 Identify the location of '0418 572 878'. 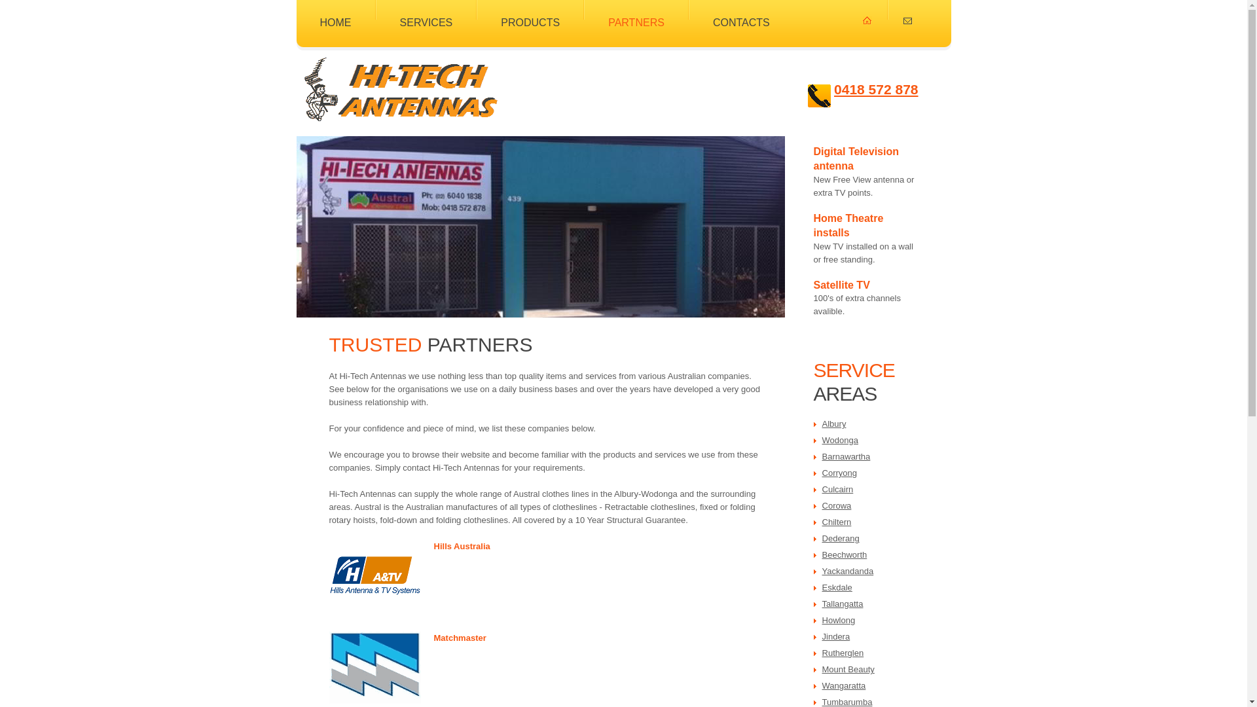
(876, 89).